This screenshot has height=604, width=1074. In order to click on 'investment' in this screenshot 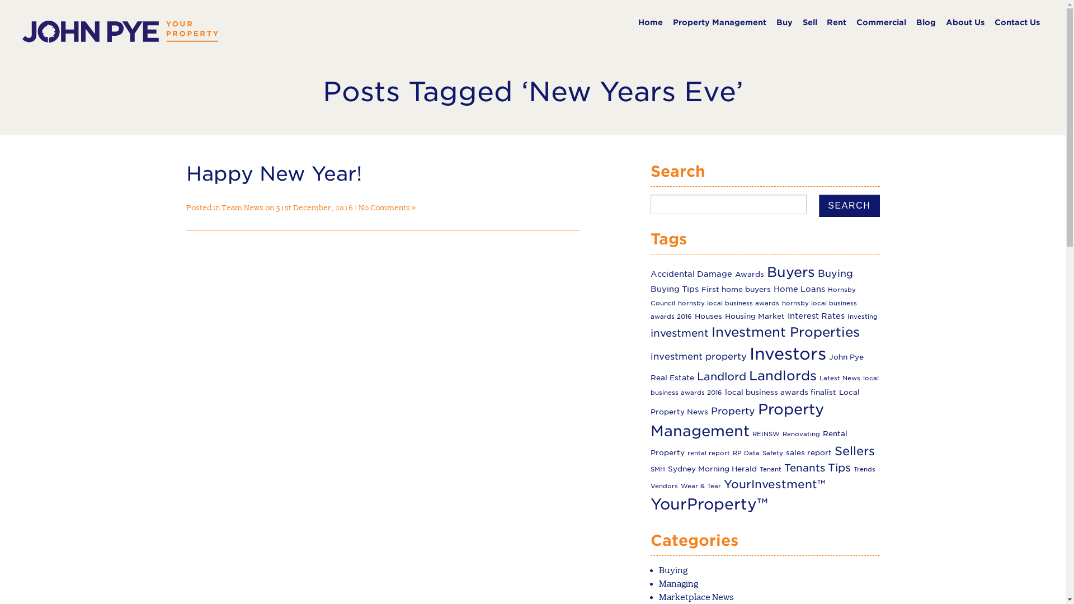, I will do `click(679, 332)`.